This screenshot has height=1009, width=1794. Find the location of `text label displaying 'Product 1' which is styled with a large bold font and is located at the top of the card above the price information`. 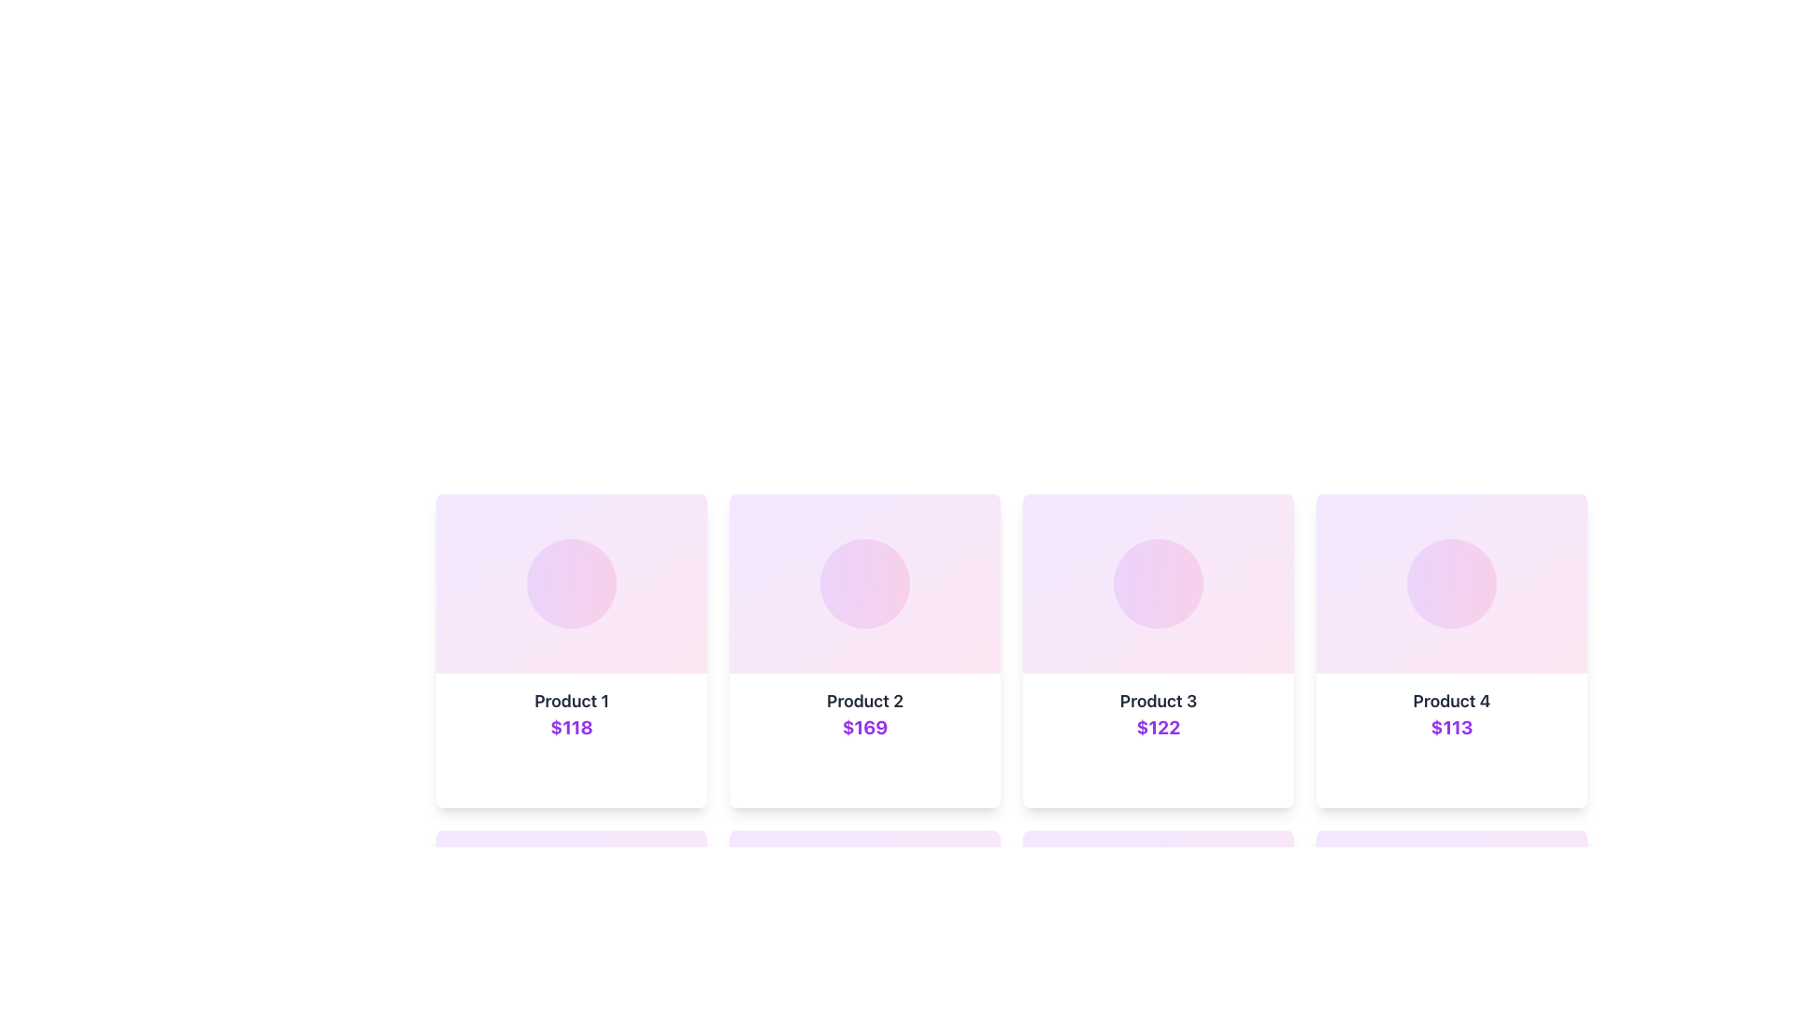

text label displaying 'Product 1' which is styled with a large bold font and is located at the top of the card above the price information is located at coordinates (570, 702).